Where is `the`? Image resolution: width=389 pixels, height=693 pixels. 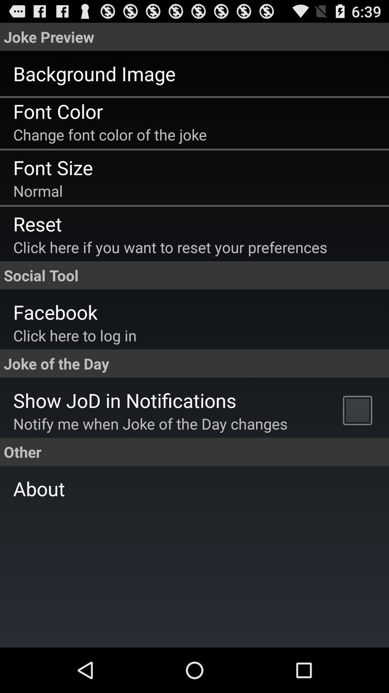
the is located at coordinates (359, 410).